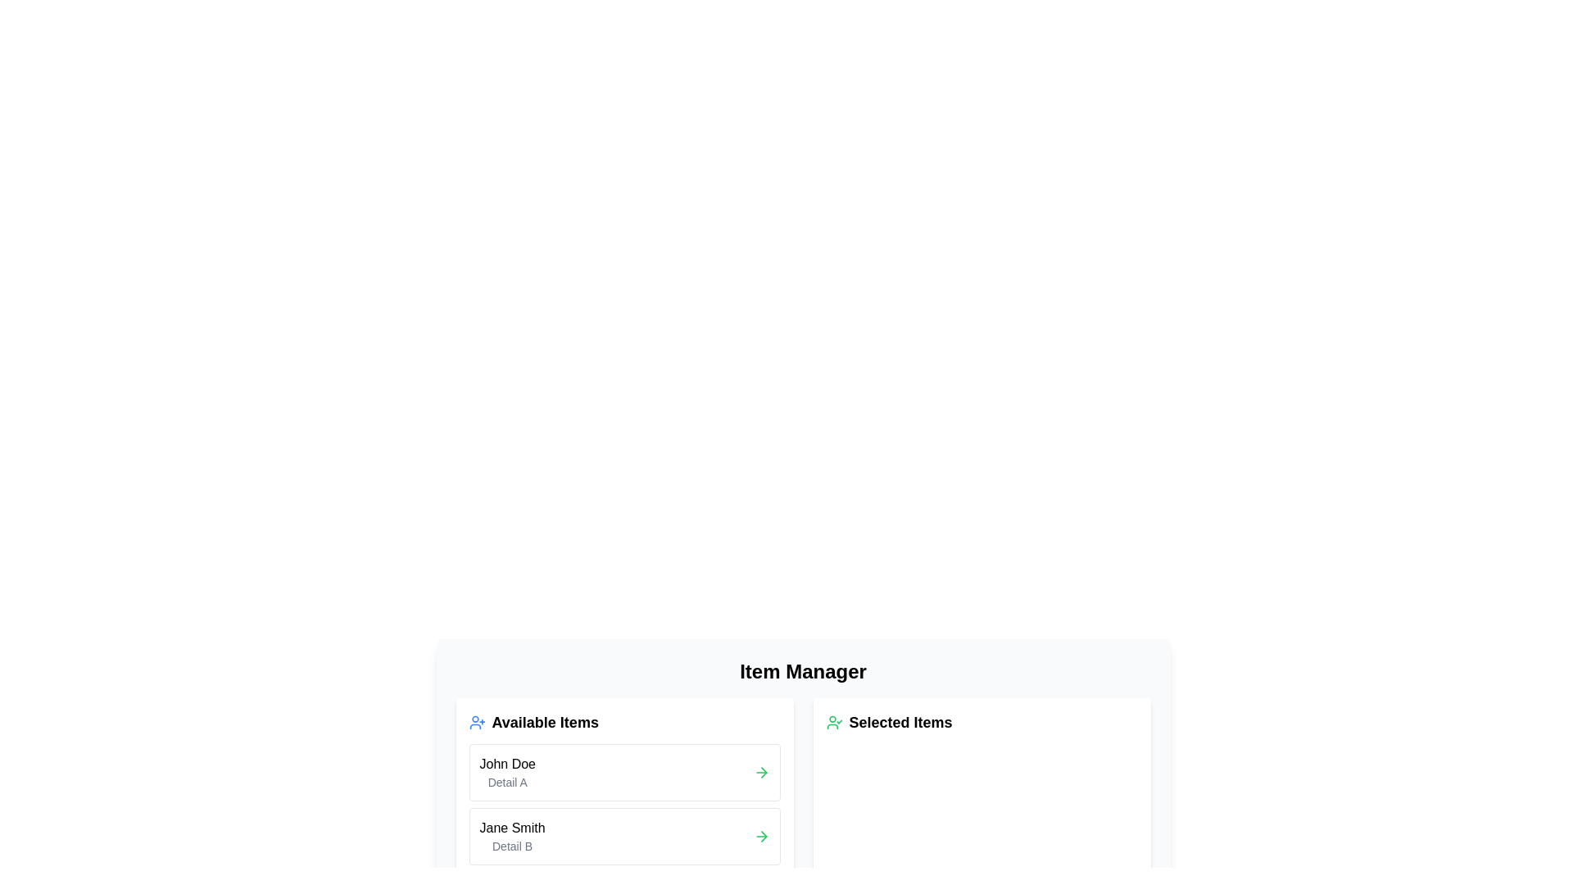  What do you see at coordinates (511, 828) in the screenshot?
I see `the text label 'Jane Smith' located in the card under 'Available Items'` at bounding box center [511, 828].